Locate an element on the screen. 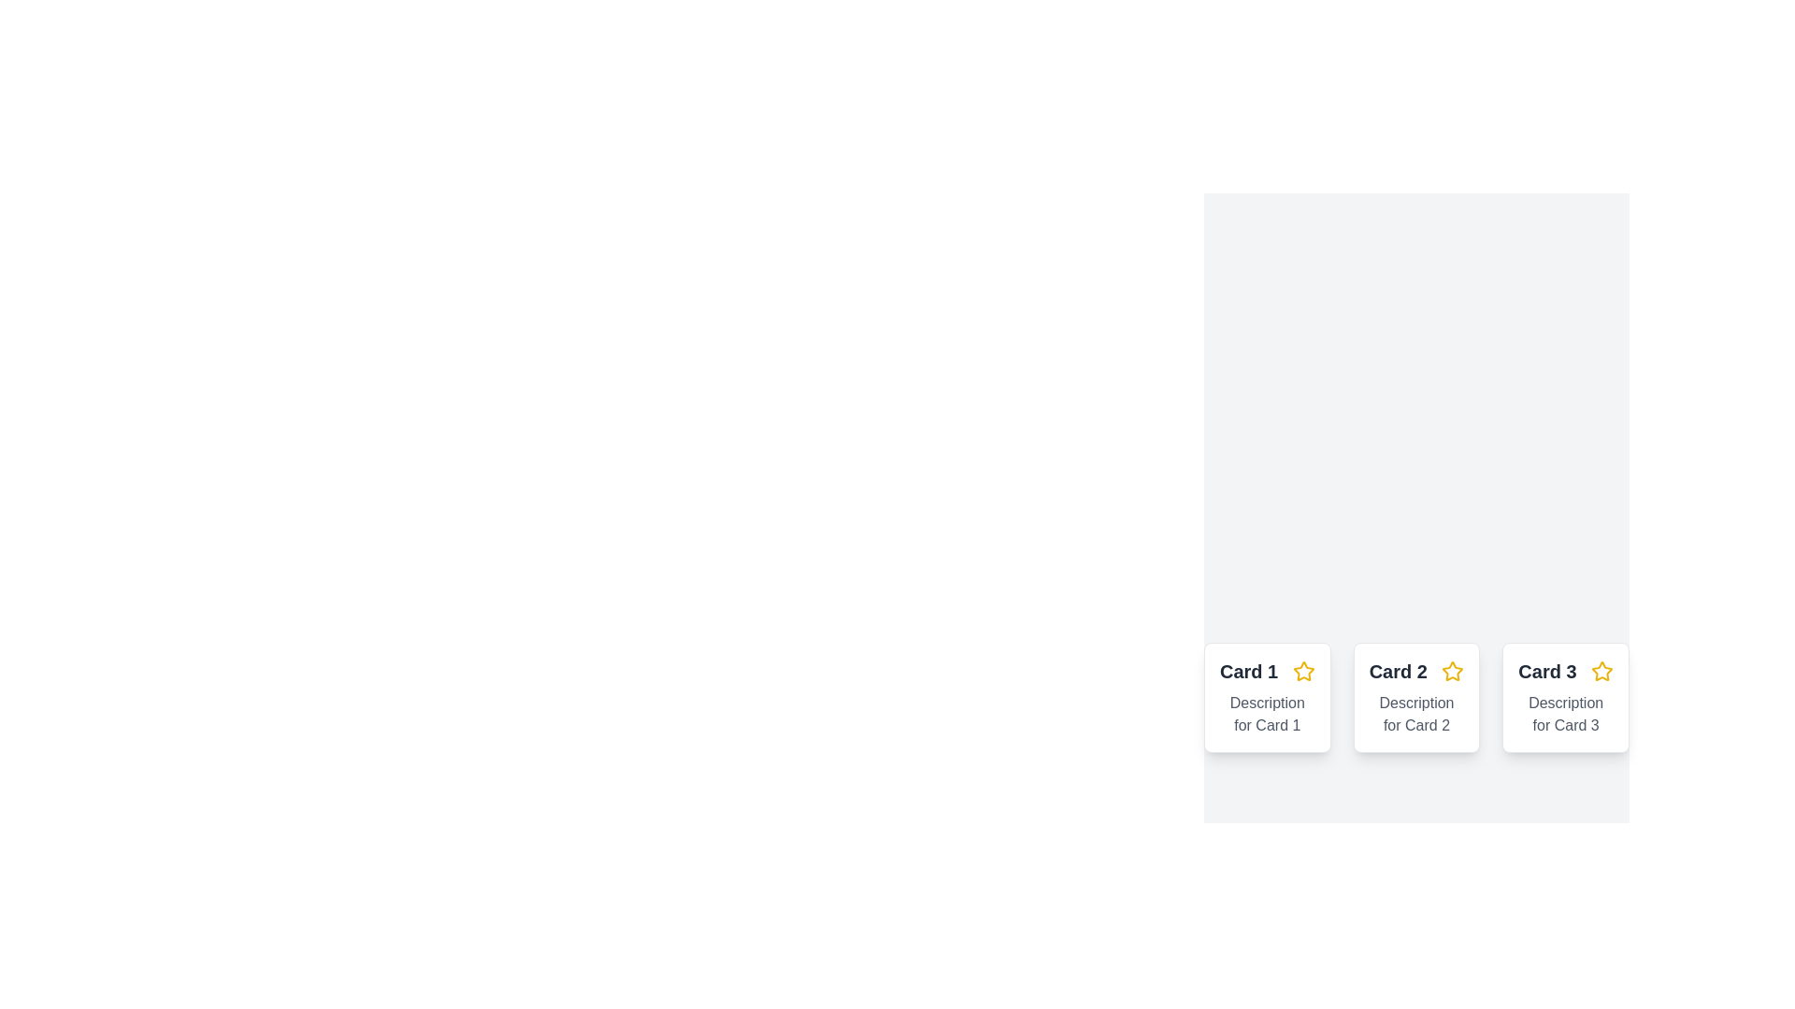 This screenshot has height=1009, width=1795. the Interactive card component titled 'Card 1', which includes a brief description and an associated icon located at the top-left corner of the grid layout is located at coordinates (1267, 698).